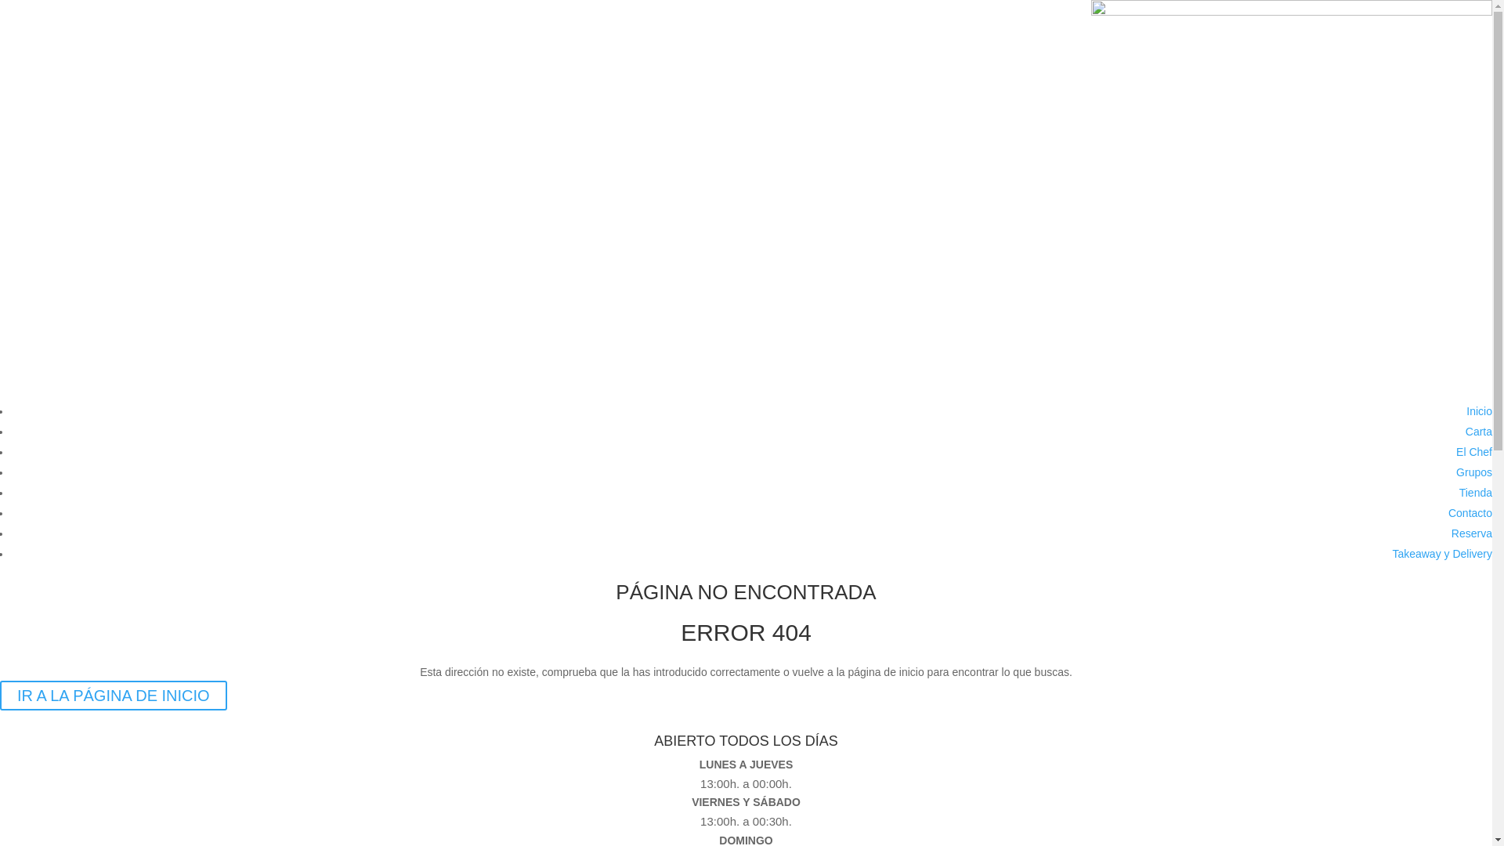 The height and width of the screenshot is (846, 1504). What do you see at coordinates (1473, 471) in the screenshot?
I see `'Grupos'` at bounding box center [1473, 471].